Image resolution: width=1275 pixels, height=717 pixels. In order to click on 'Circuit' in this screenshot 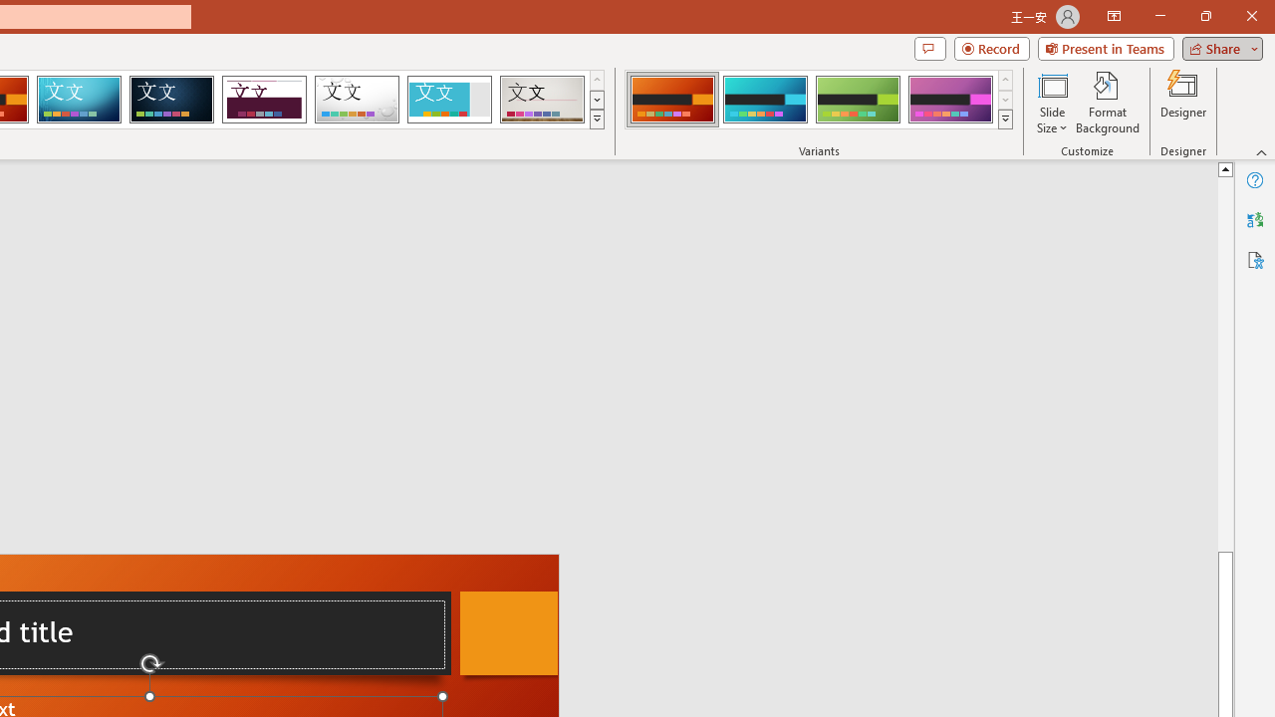, I will do `click(79, 100)`.